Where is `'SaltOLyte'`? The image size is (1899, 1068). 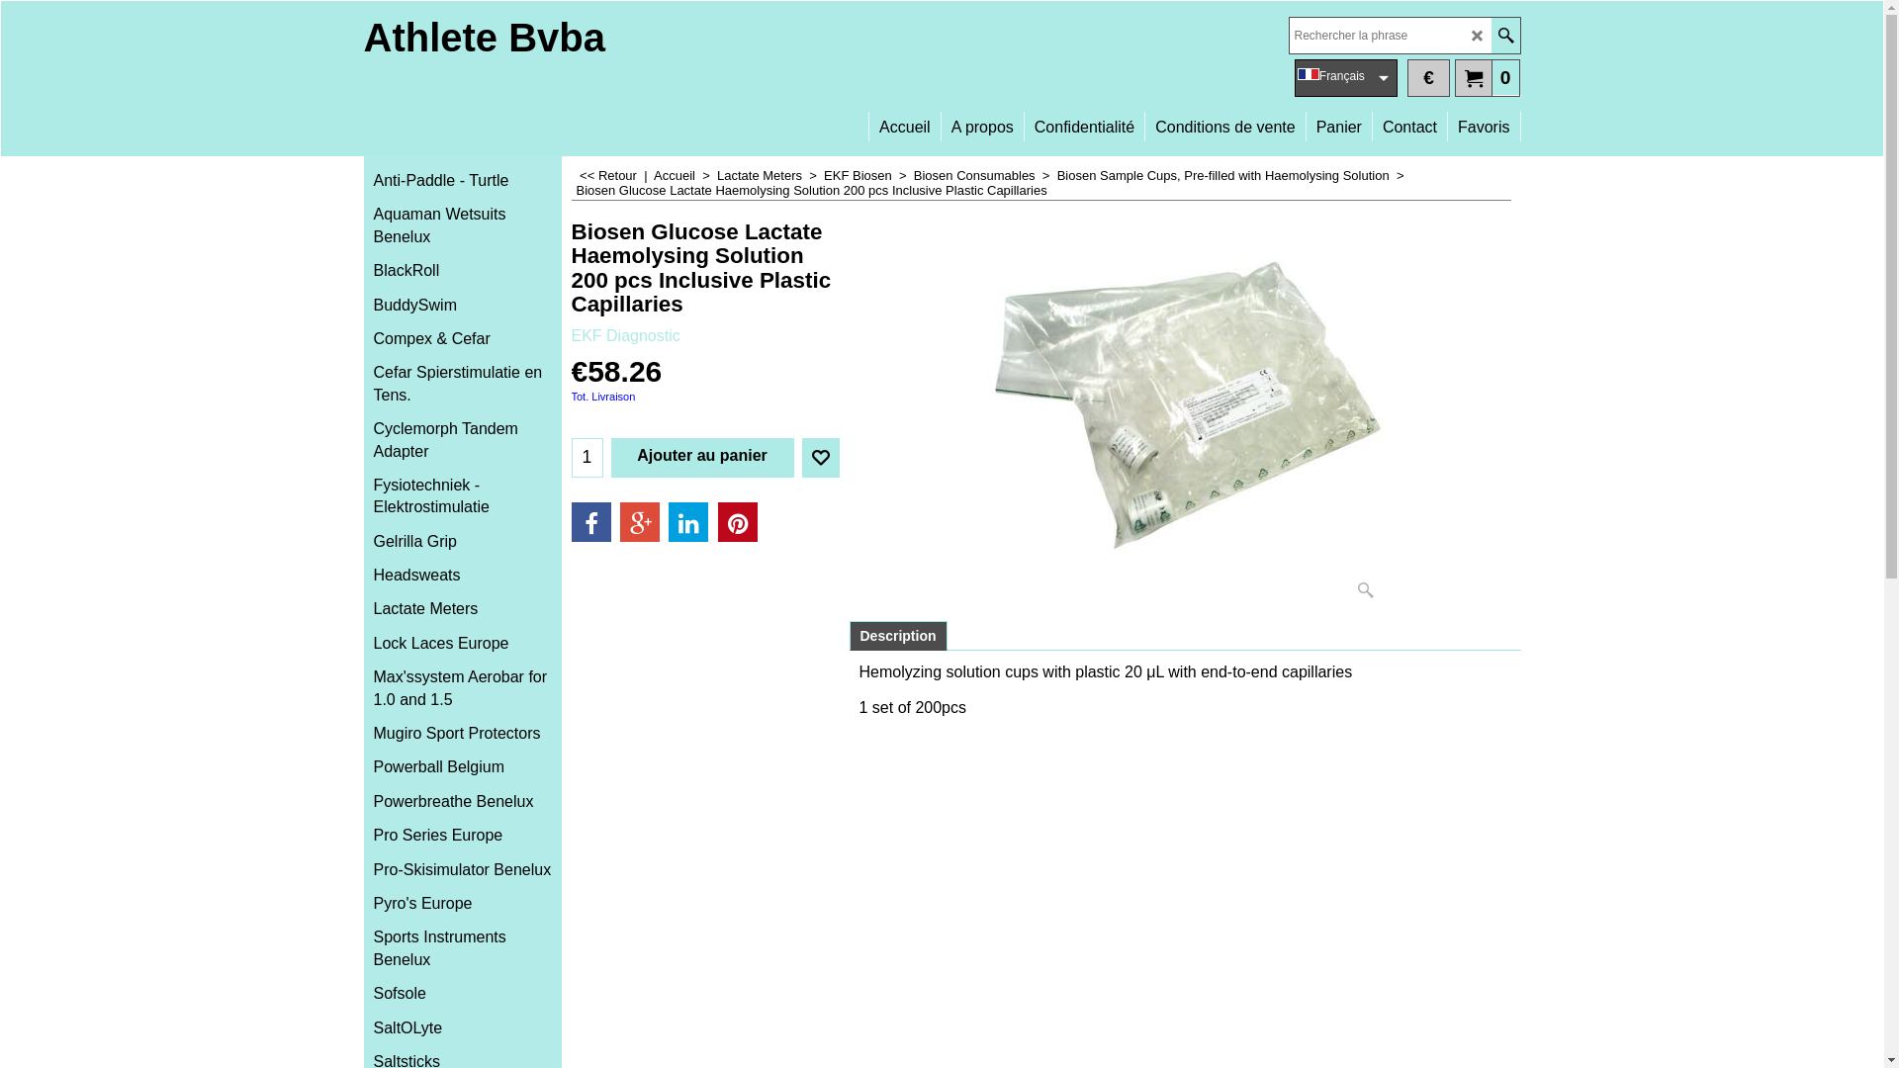
'SaltOLyte' is located at coordinates (462, 1027).